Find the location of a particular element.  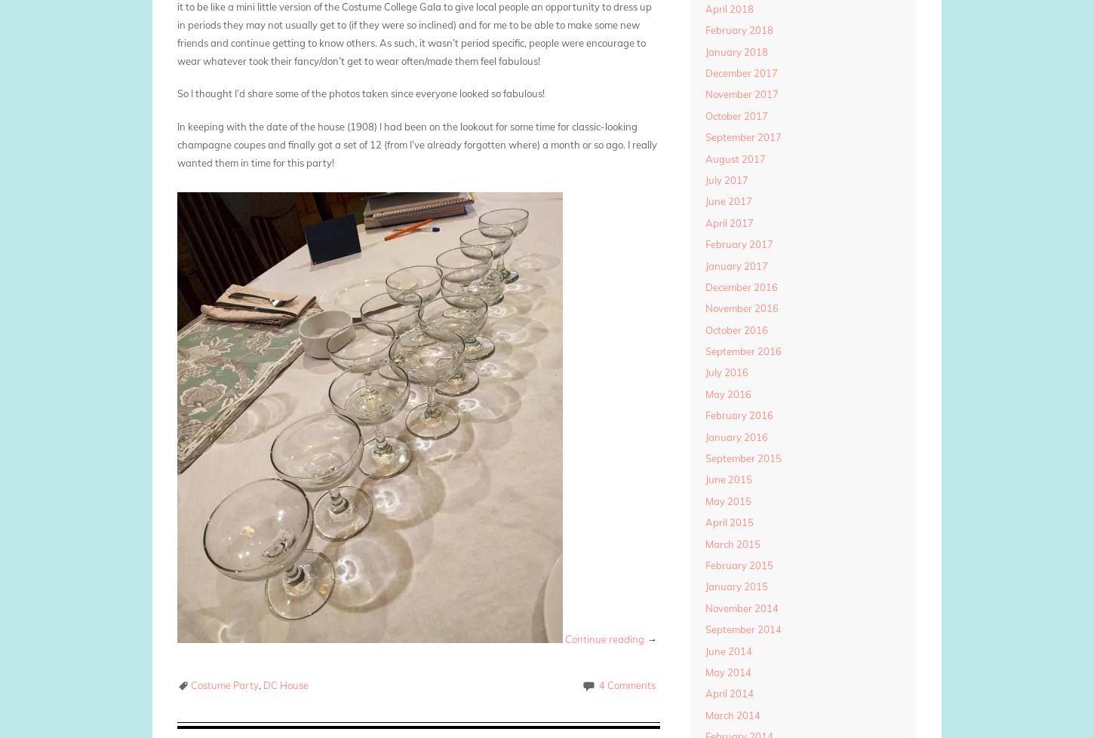

'September 2017' is located at coordinates (742, 136).